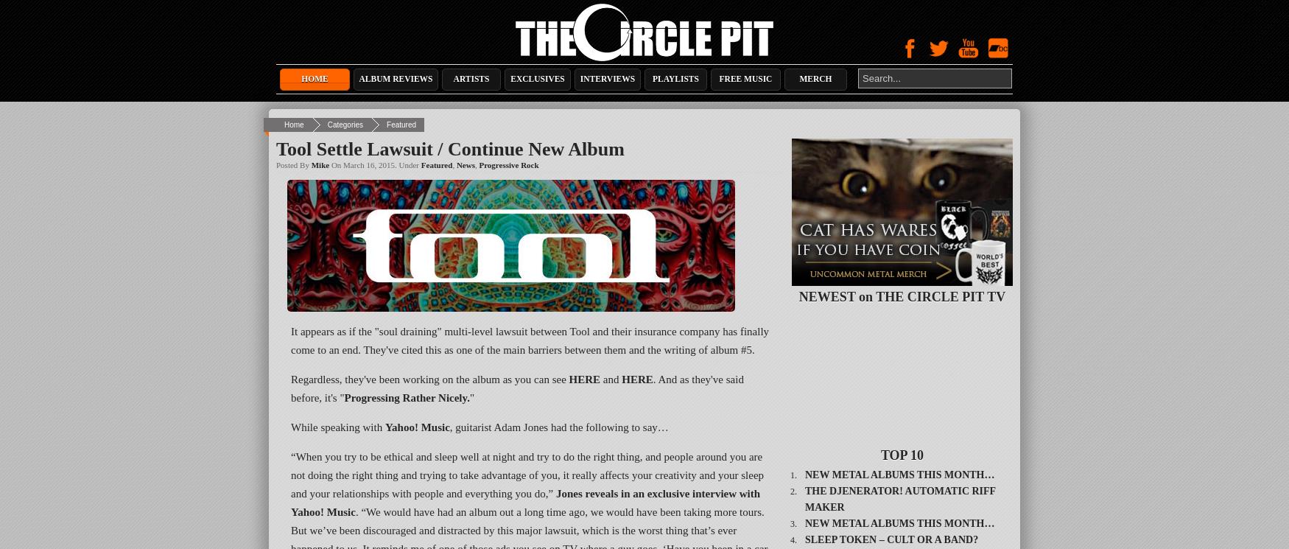 This screenshot has height=549, width=1289. Describe the element at coordinates (292, 165) in the screenshot. I see `'Posted By'` at that location.